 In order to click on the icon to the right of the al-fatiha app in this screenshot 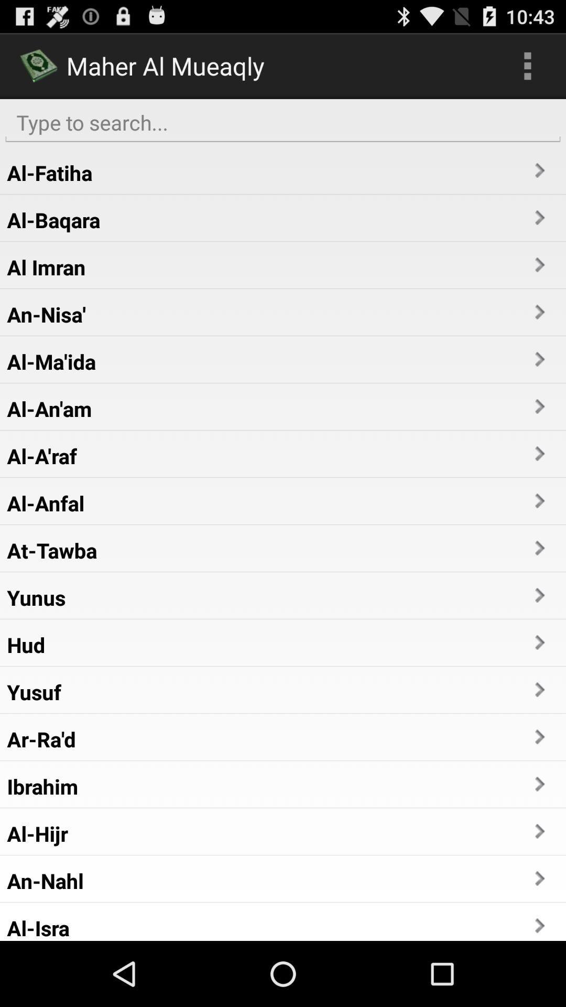, I will do `click(539, 170)`.